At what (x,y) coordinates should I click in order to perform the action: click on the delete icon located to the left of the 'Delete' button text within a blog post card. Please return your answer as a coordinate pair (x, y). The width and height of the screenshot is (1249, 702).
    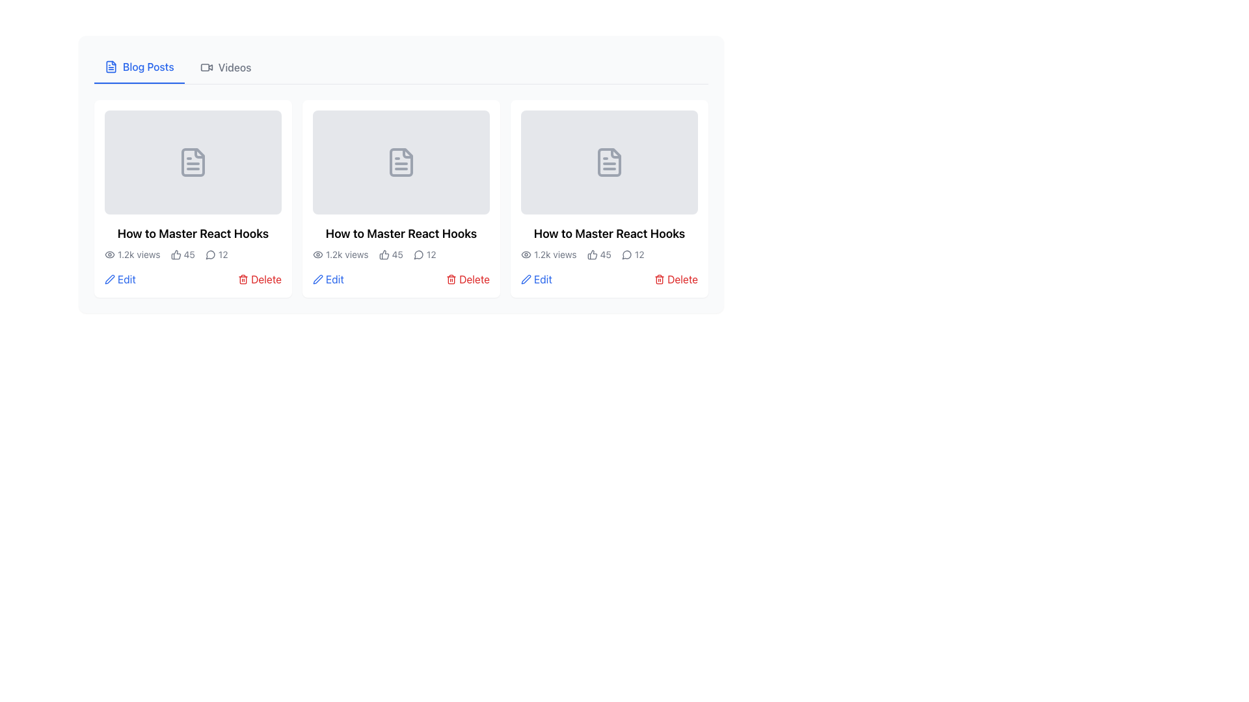
    Looking at the image, I should click on (659, 278).